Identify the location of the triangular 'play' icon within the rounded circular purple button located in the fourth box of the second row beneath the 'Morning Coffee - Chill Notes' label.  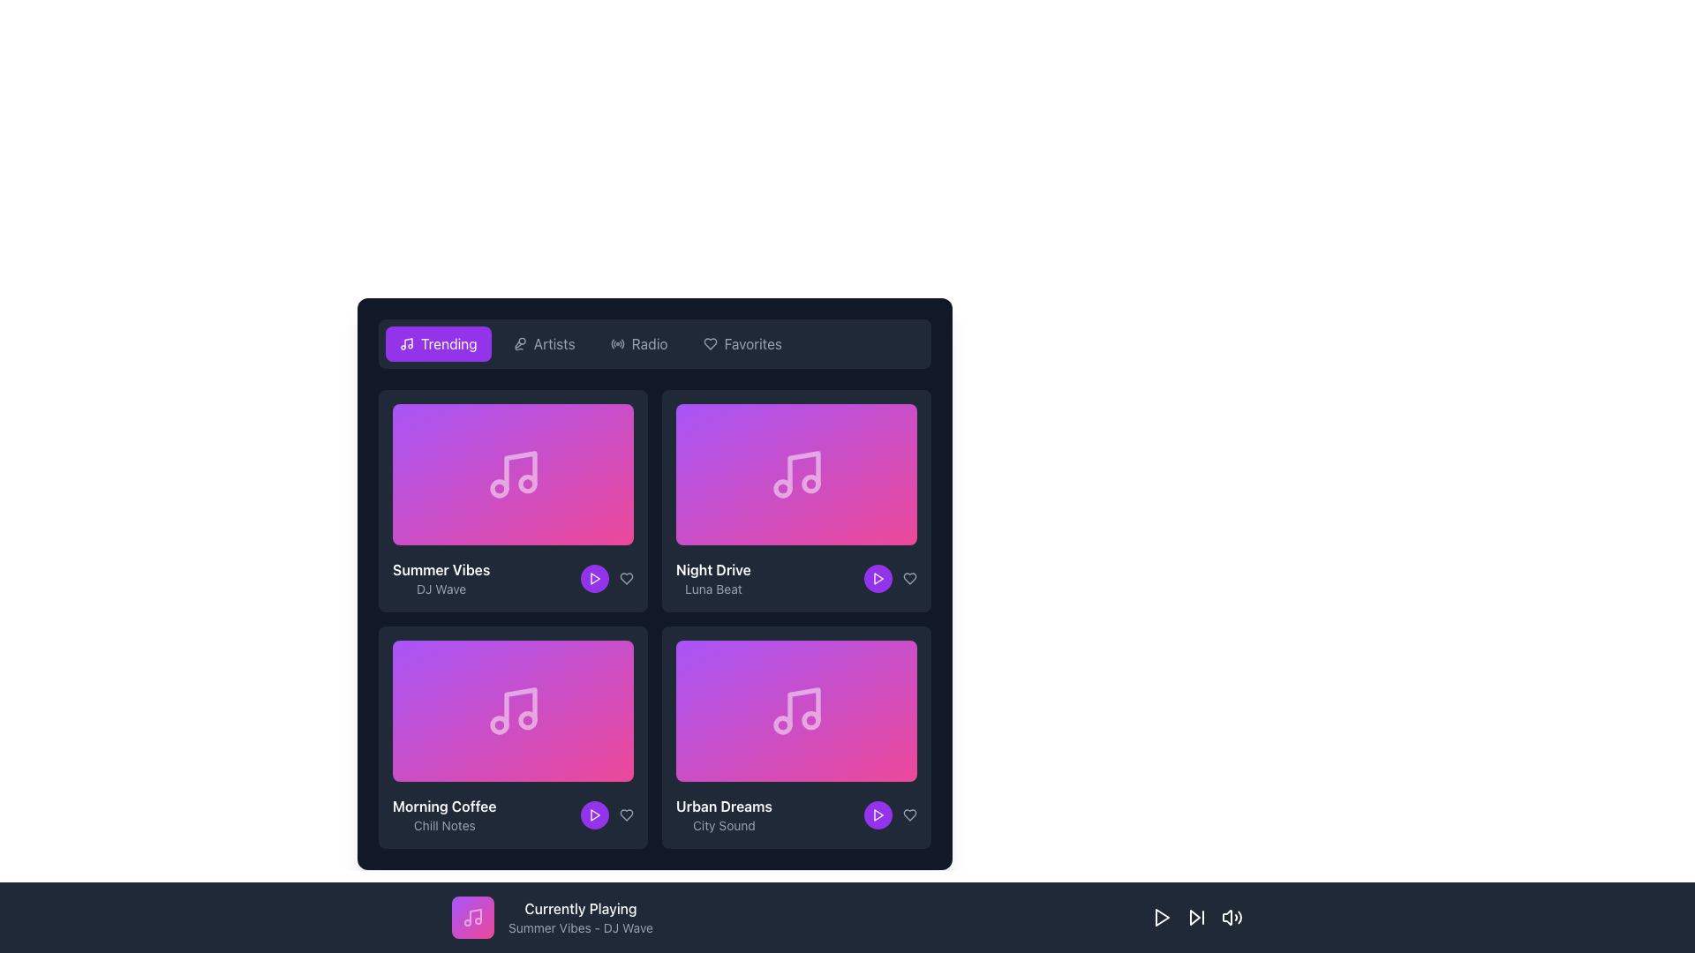
(594, 815).